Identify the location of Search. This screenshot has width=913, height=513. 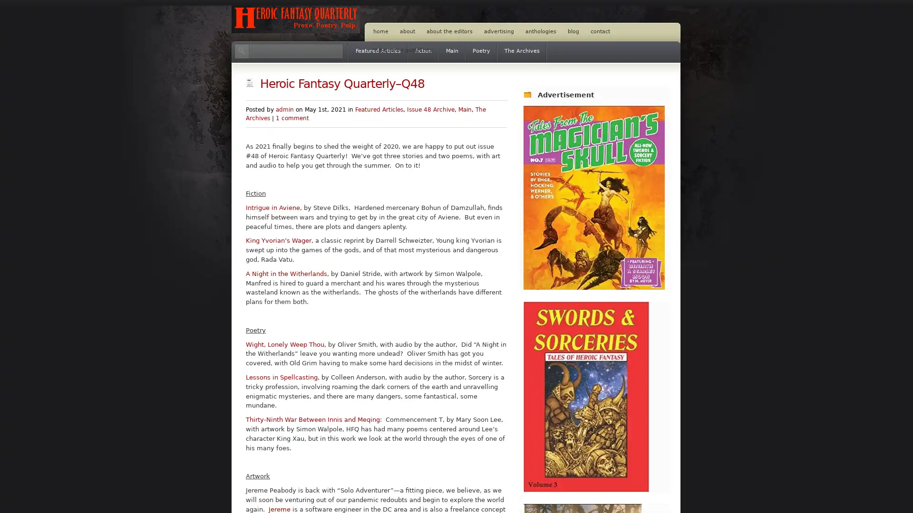
(242, 51).